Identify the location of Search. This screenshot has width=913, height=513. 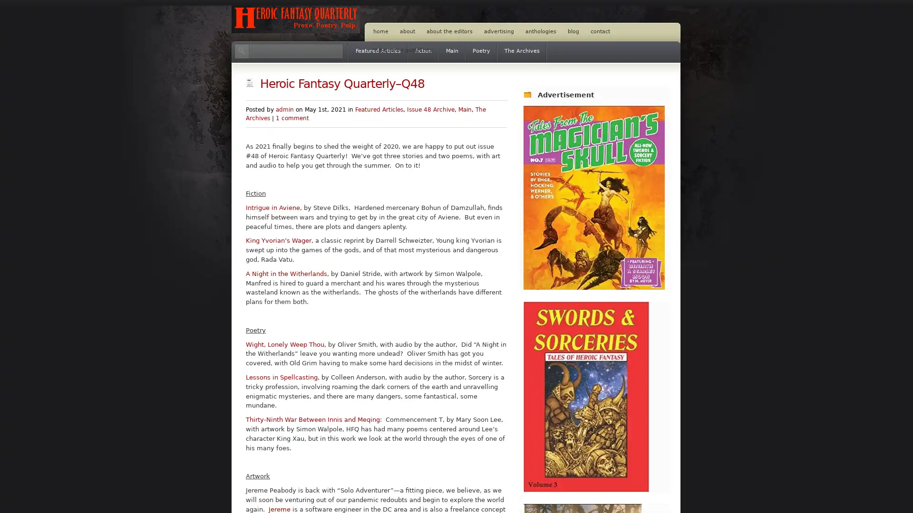
(242, 51).